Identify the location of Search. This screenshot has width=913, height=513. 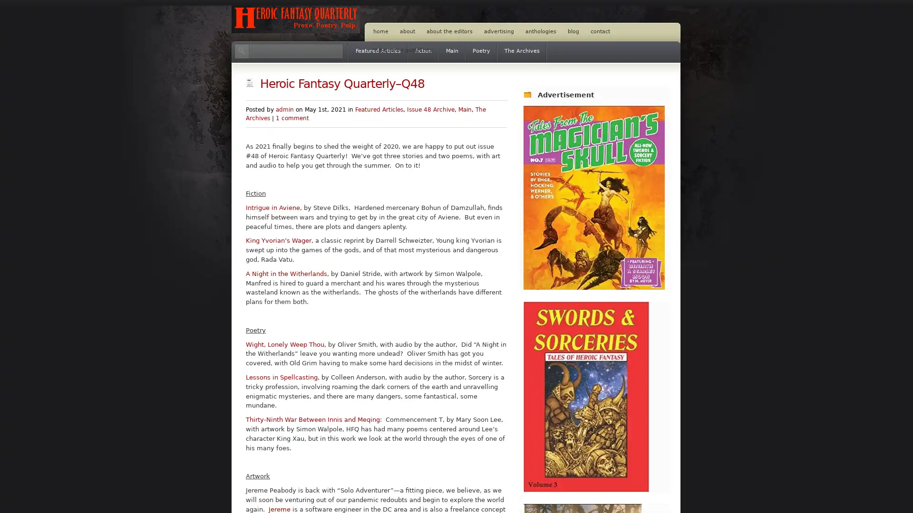
(242, 51).